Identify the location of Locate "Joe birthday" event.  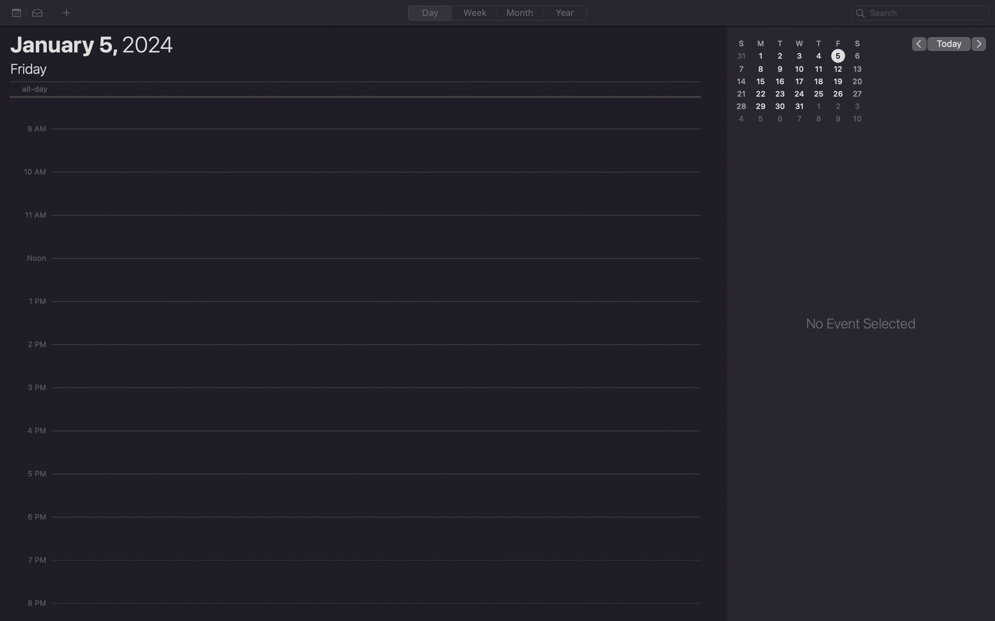
(920, 13).